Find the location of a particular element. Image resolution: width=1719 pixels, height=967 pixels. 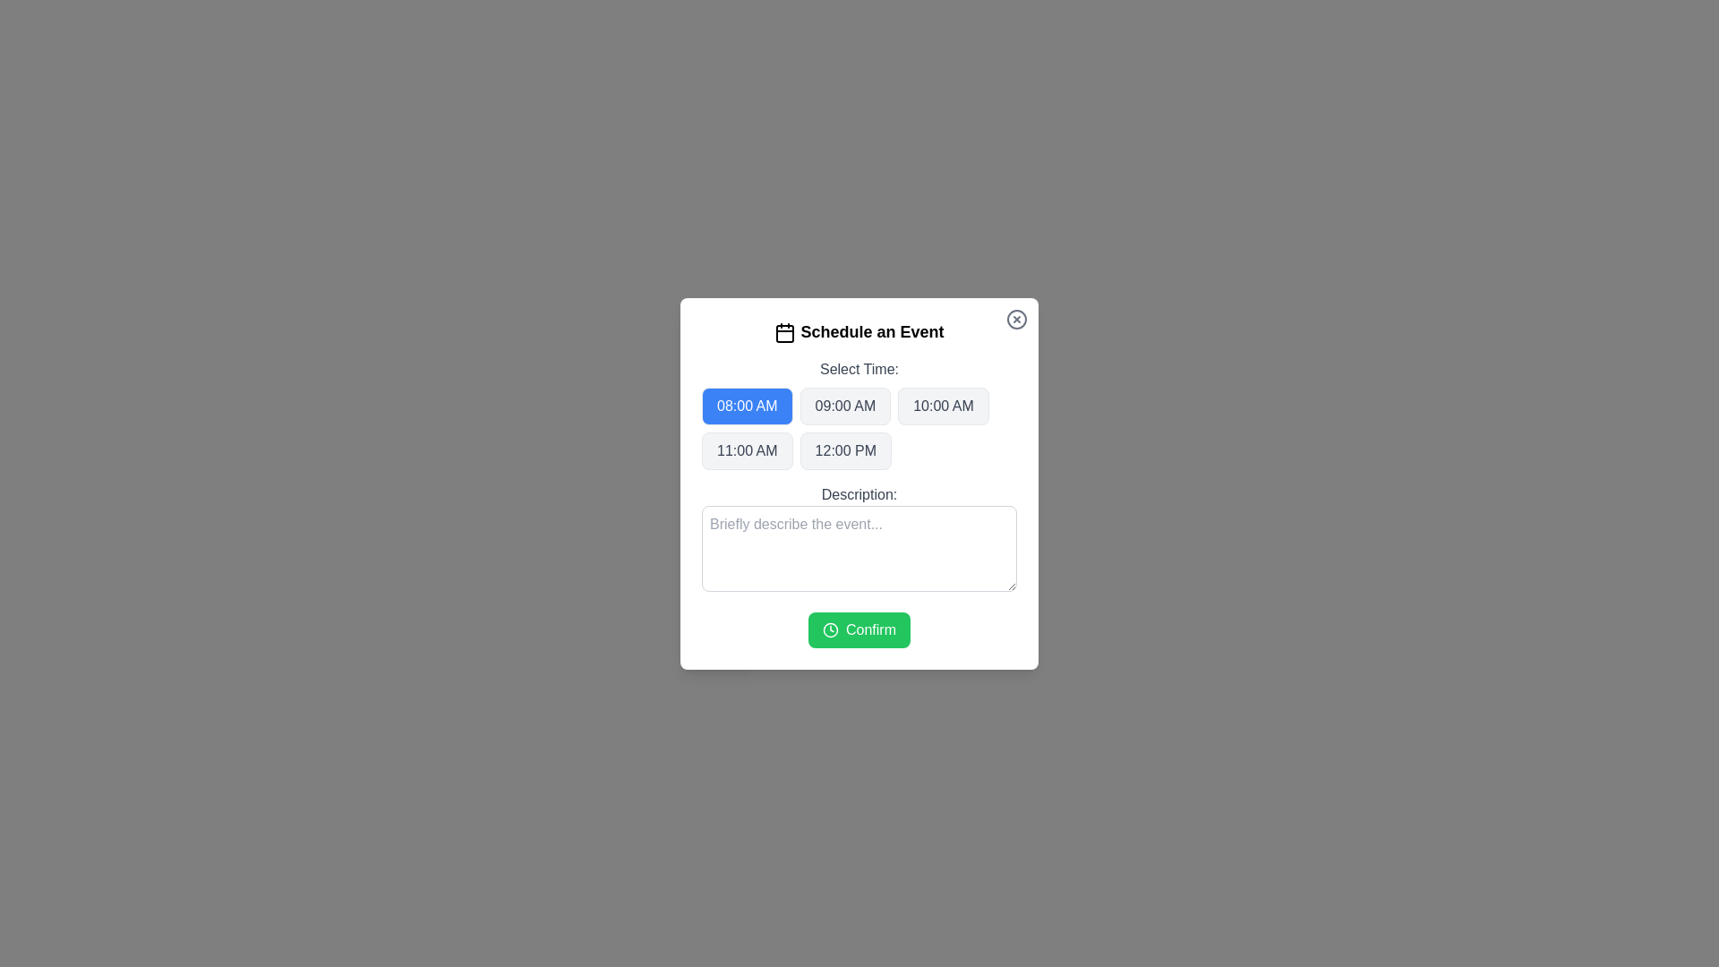

the '10:00 AM' button in the time selection group is located at coordinates (943, 406).